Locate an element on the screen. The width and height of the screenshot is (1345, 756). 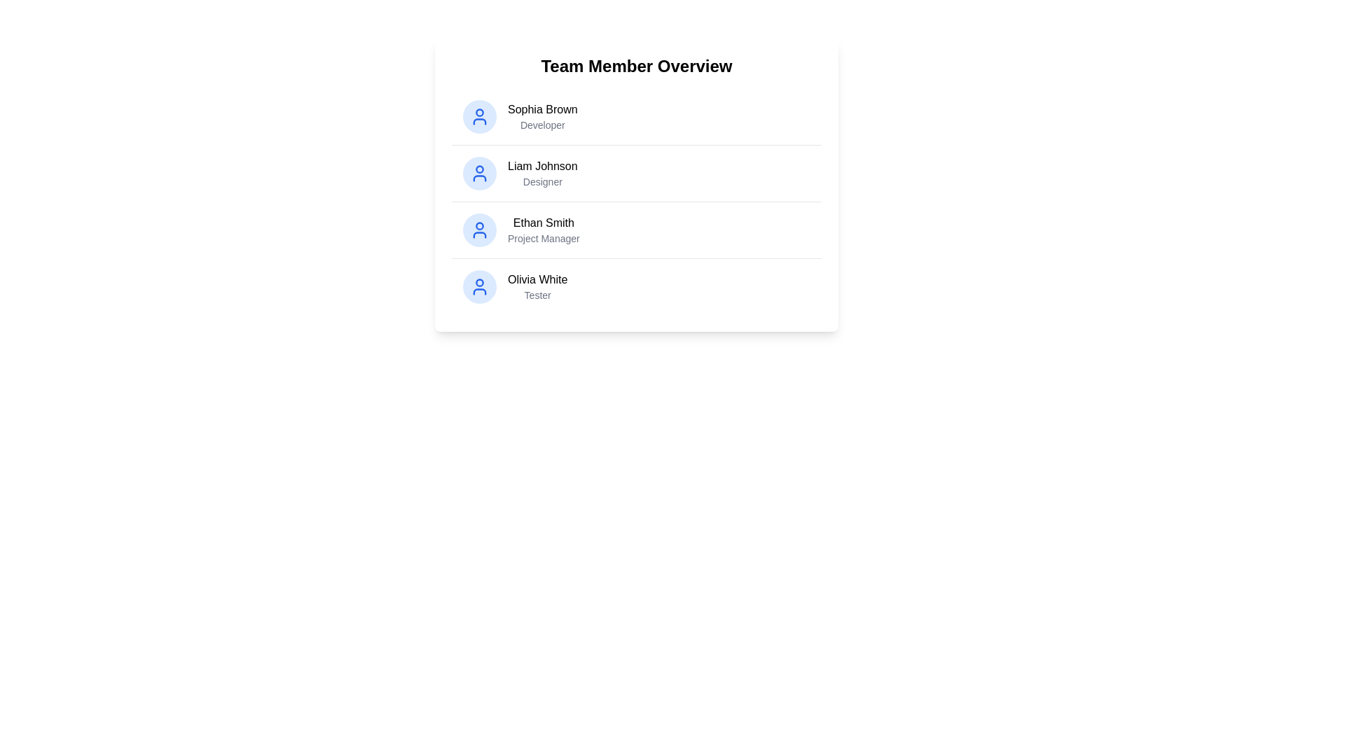
the list item representing 'Liam Johnson - Designer' is located at coordinates (519, 172).